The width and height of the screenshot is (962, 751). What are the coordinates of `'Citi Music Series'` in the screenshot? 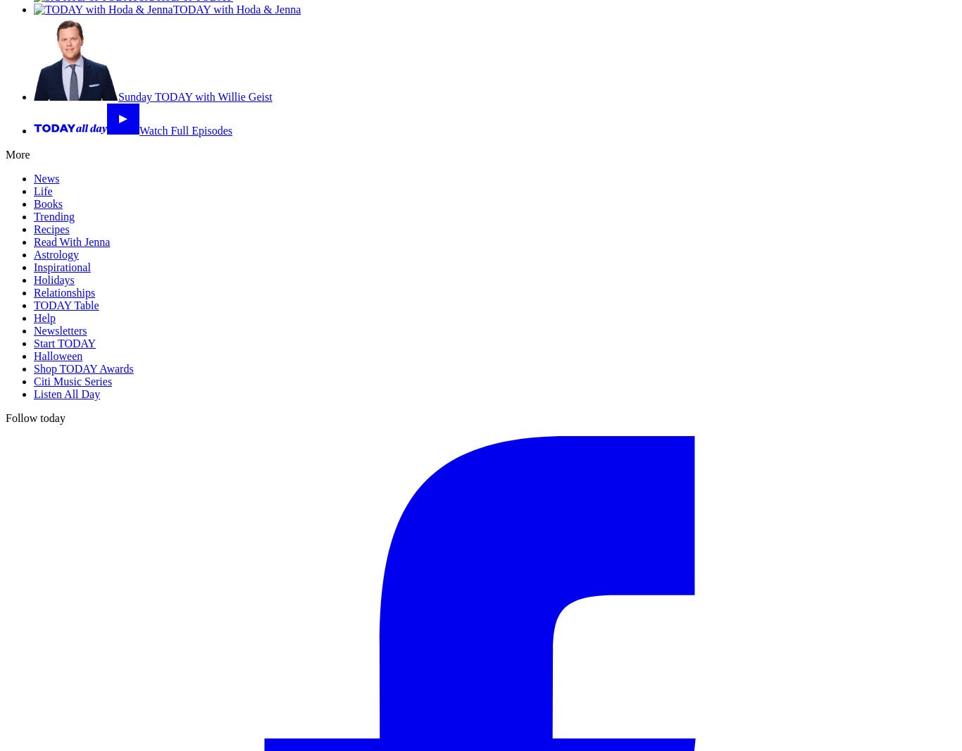 It's located at (73, 380).